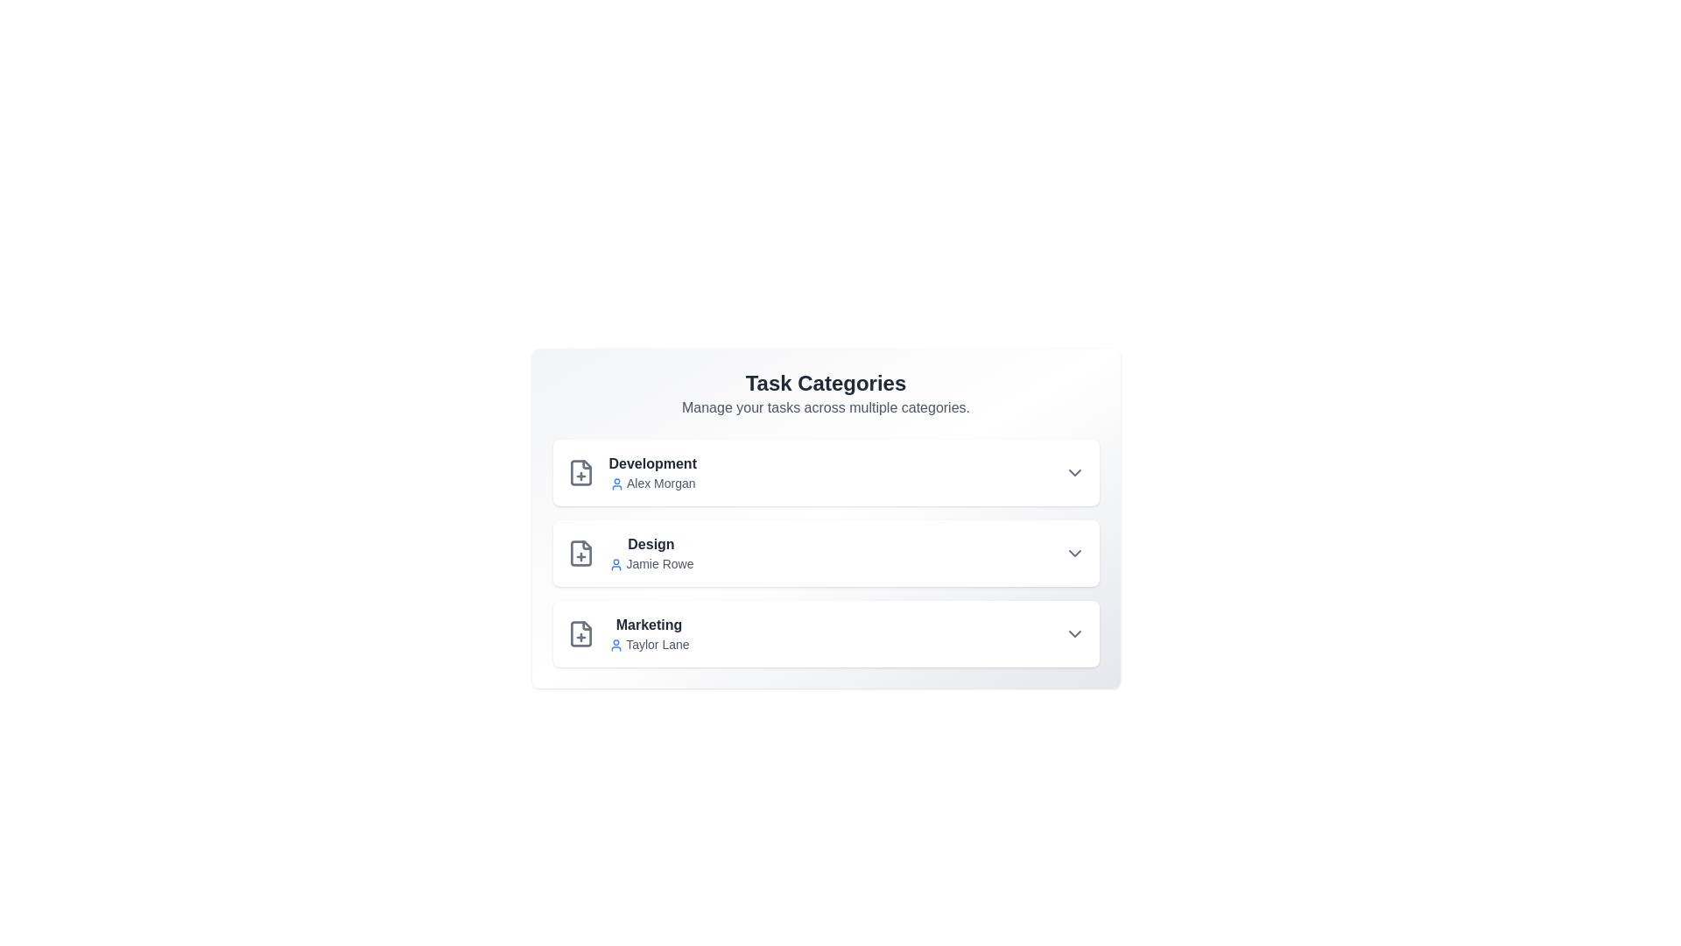  I want to click on the user icon next to the owner's name for additional information for Design, so click(615, 565).